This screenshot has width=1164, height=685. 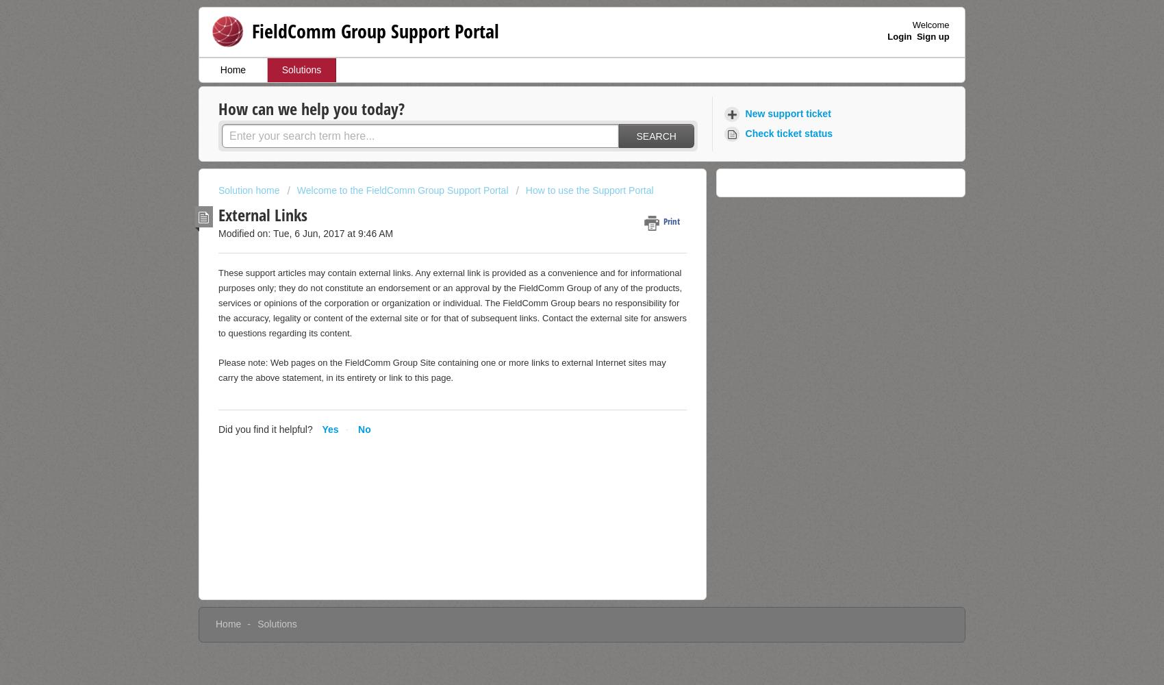 What do you see at coordinates (227, 624) in the screenshot?
I see `'Home'` at bounding box center [227, 624].